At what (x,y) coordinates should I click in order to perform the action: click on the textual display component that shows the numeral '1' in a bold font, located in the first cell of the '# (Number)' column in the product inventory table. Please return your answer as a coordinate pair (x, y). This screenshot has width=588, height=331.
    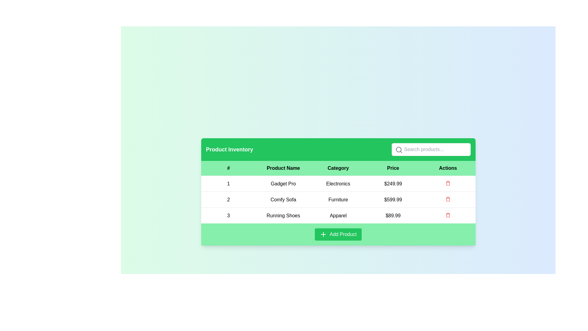
    Looking at the image, I should click on (228, 183).